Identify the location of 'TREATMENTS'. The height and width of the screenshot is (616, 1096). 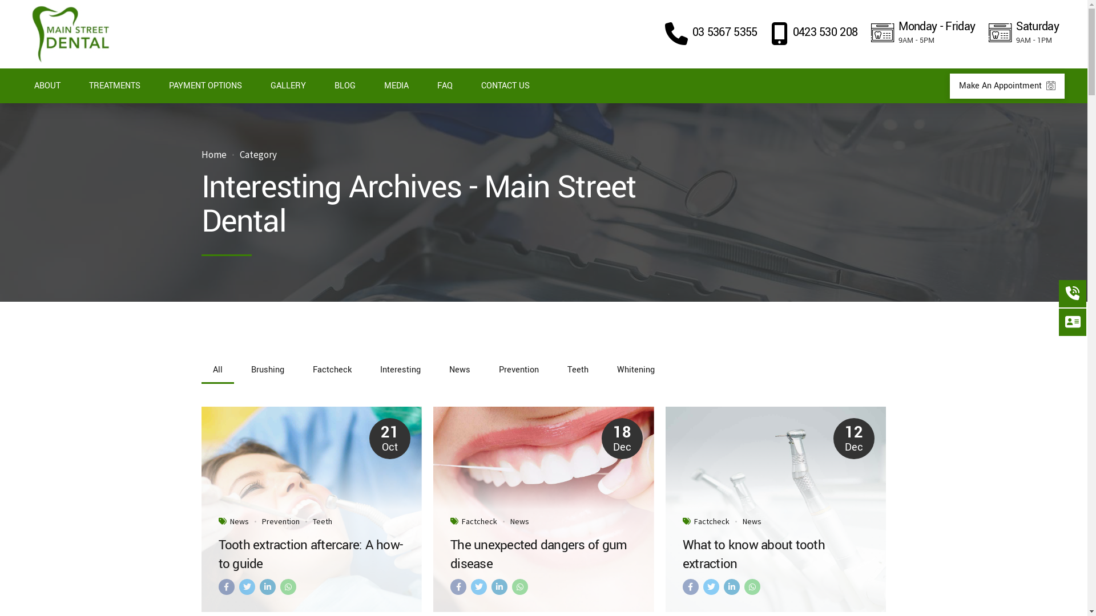
(76, 85).